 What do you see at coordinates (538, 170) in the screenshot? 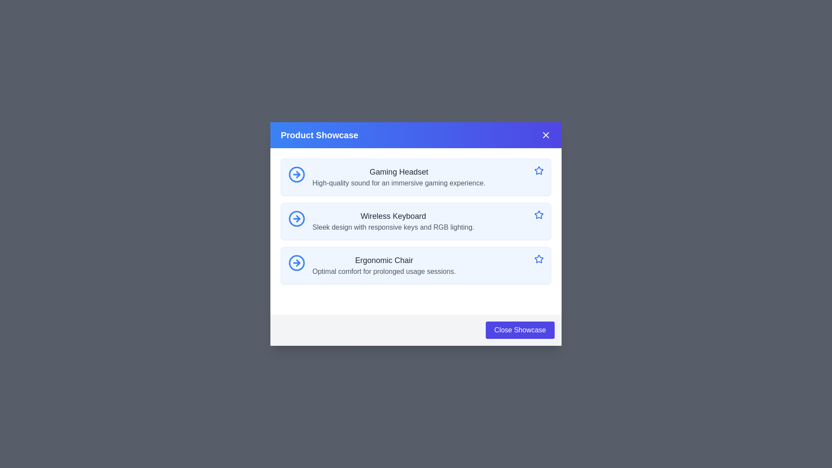
I see `the blue outlined star icon button located on the right side of the 'Gaming Headset' section` at bounding box center [538, 170].